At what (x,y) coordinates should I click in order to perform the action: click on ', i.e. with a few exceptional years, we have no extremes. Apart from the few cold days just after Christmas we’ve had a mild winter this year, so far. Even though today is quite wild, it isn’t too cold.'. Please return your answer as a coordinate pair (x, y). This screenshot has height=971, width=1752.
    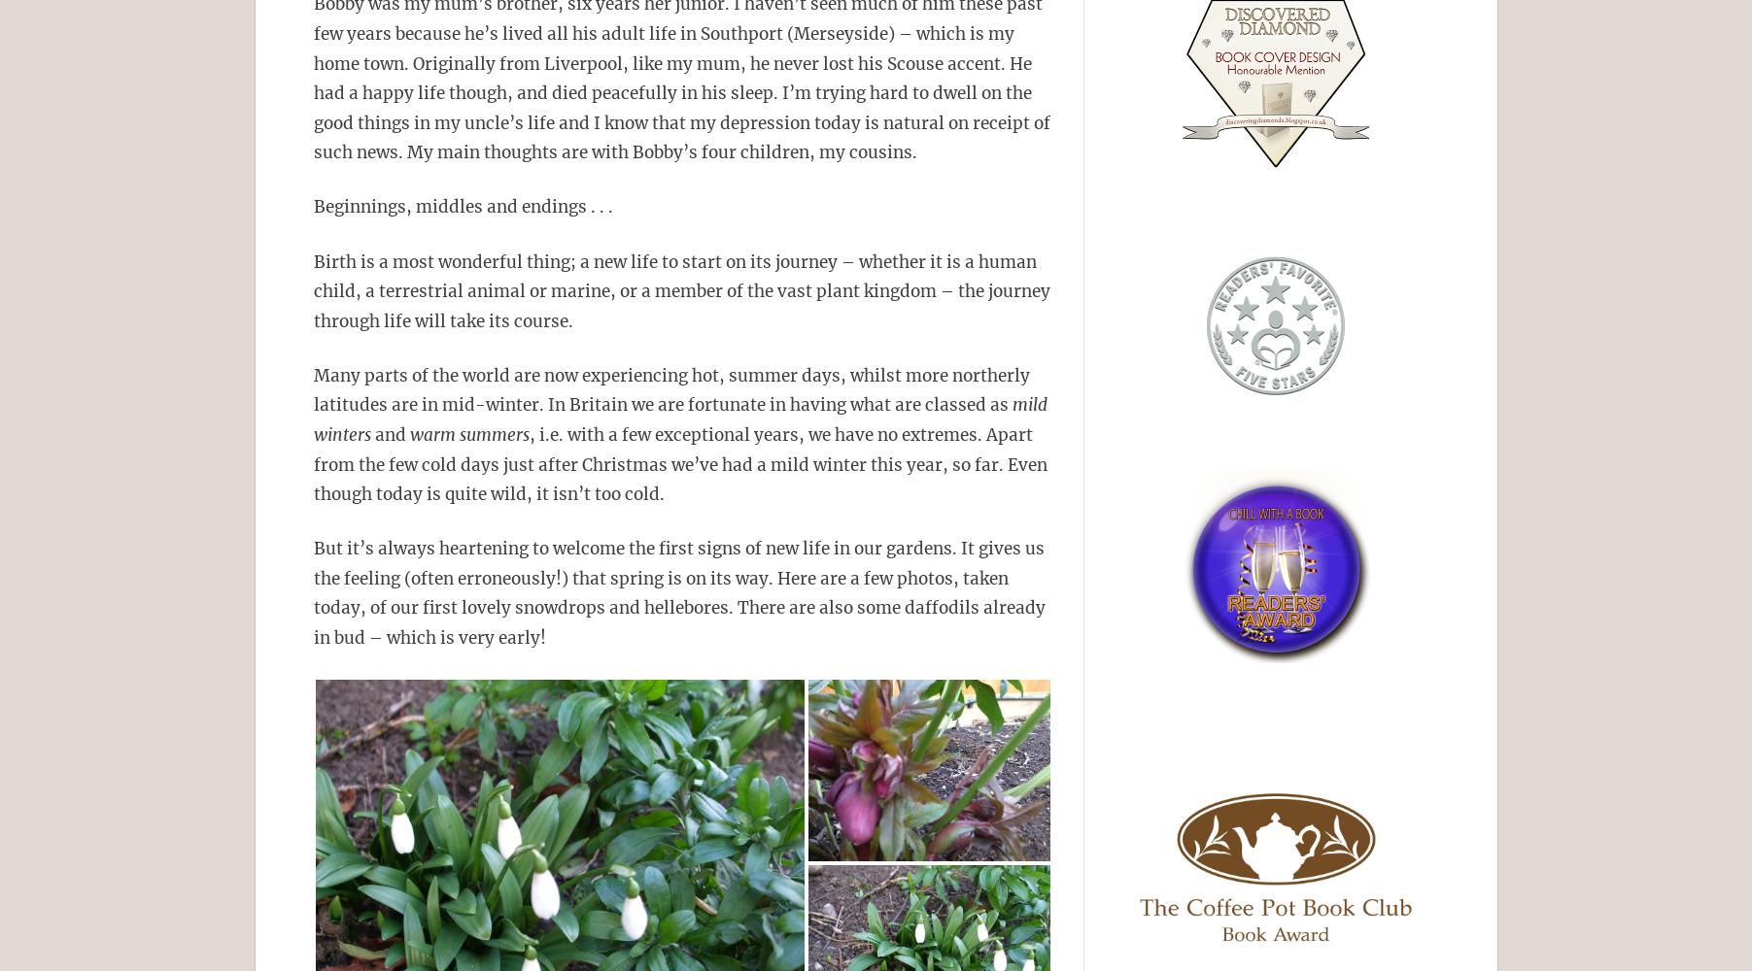
    Looking at the image, I should click on (678, 463).